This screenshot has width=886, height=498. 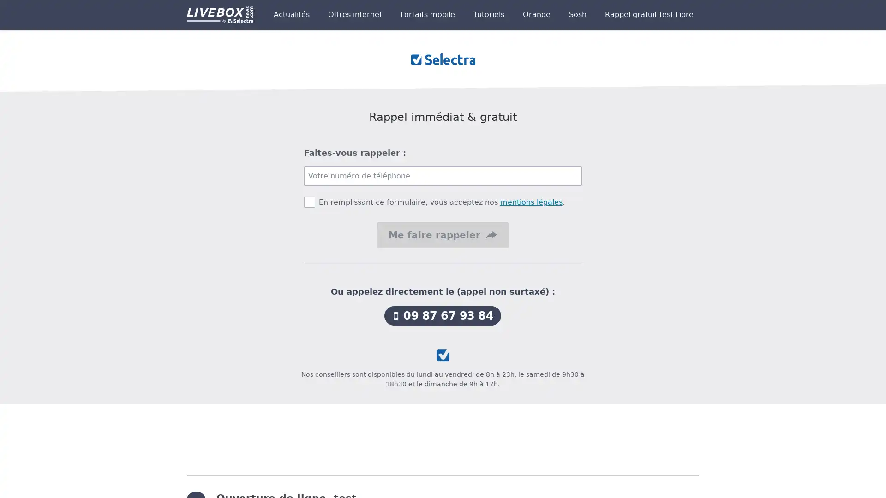 What do you see at coordinates (442, 234) in the screenshot?
I see `Me faire rappeler` at bounding box center [442, 234].